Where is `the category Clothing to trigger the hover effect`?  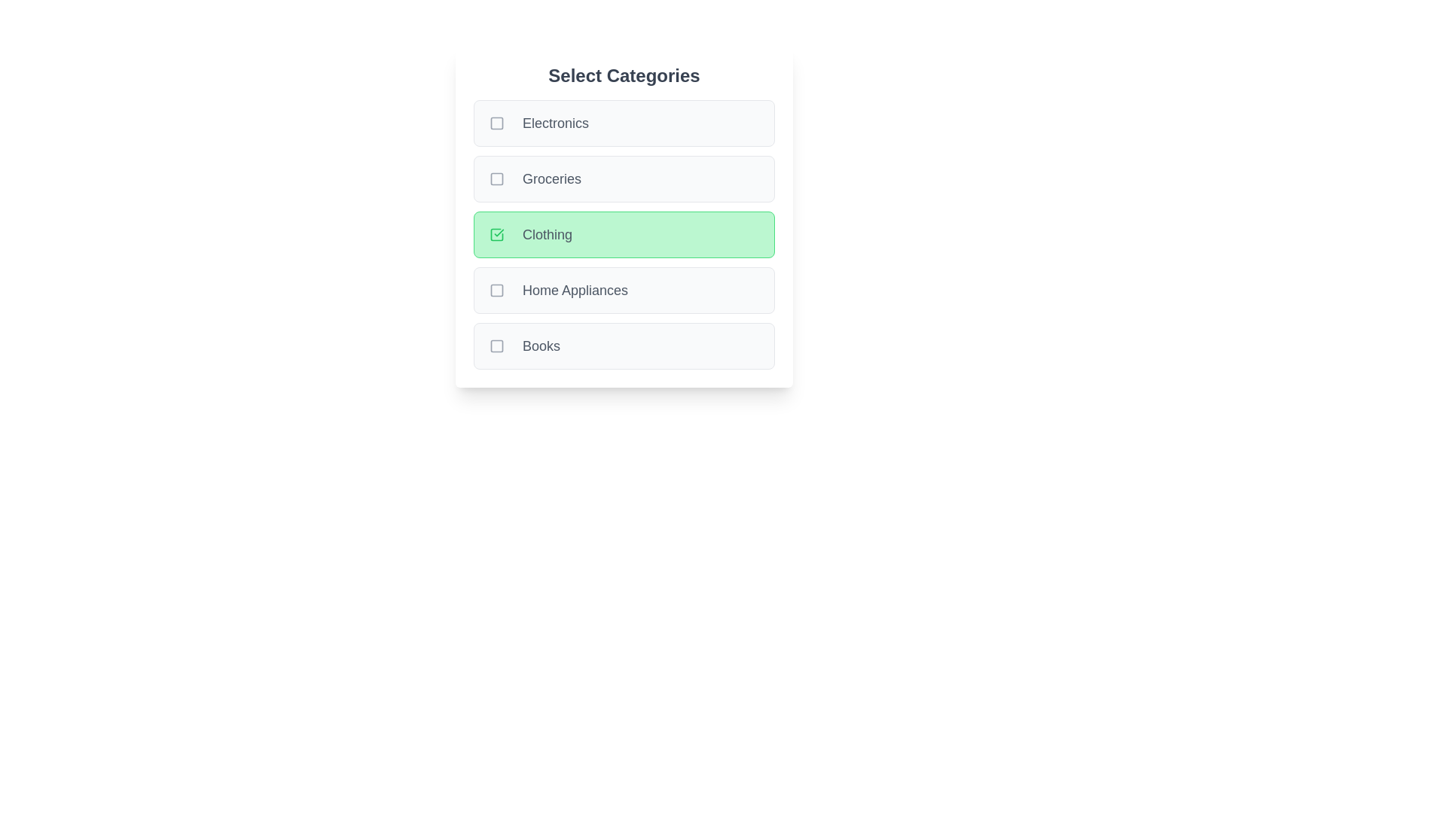 the category Clothing to trigger the hover effect is located at coordinates (624, 235).